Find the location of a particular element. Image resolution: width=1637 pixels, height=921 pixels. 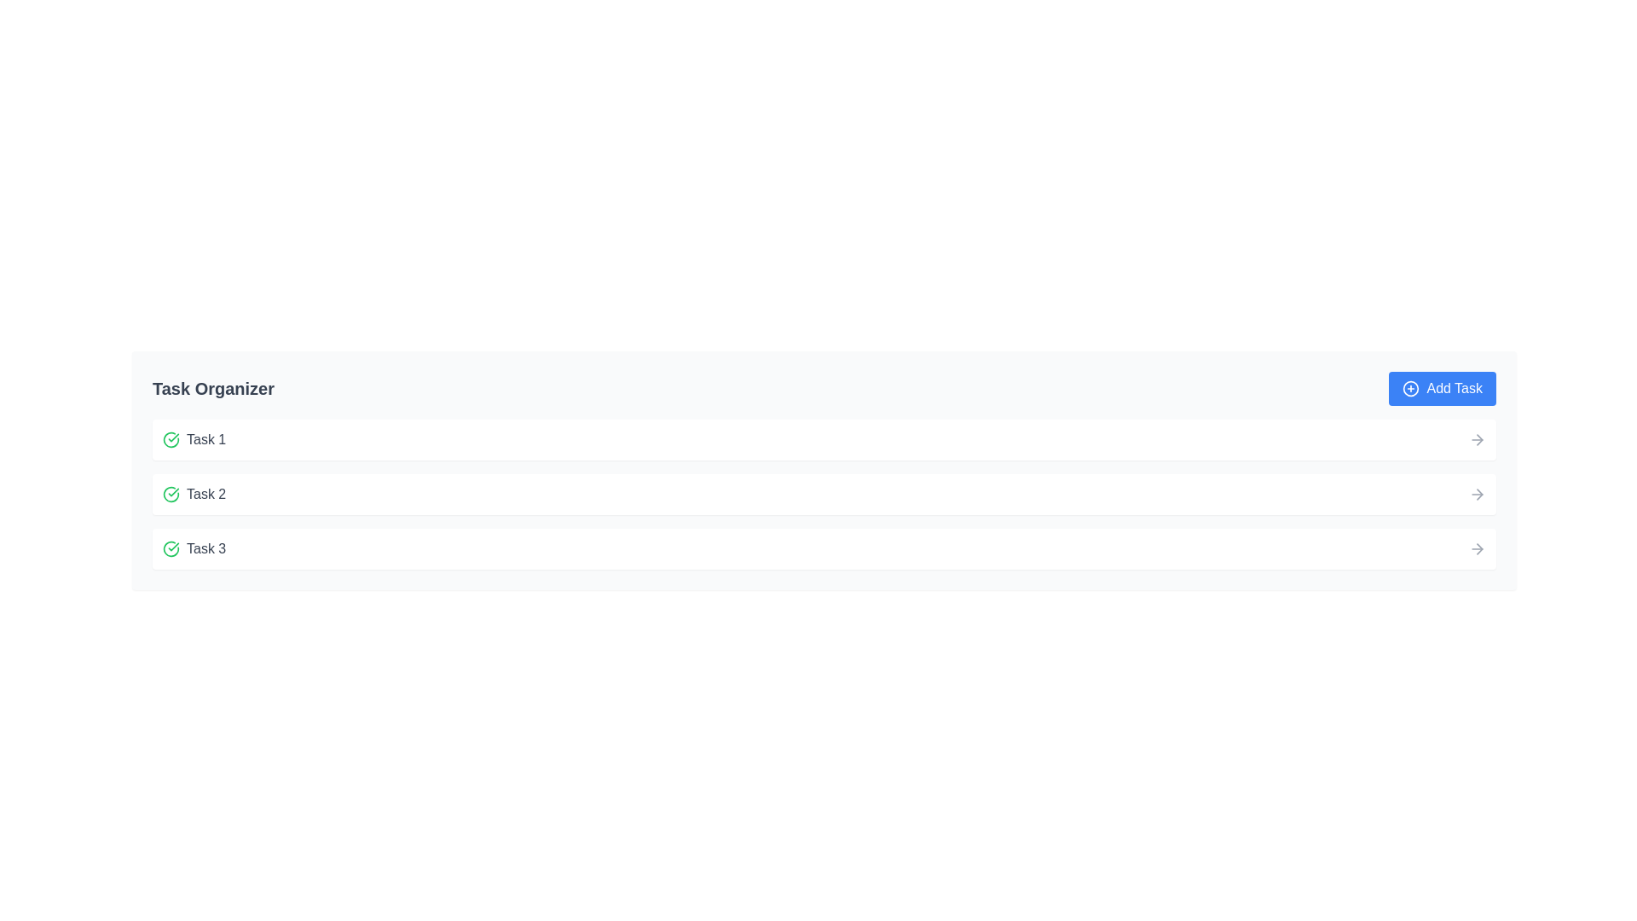

the text and icon label in the task list that displays the title of the first task located beneath the 'Task Organizer' heading is located at coordinates (194, 439).